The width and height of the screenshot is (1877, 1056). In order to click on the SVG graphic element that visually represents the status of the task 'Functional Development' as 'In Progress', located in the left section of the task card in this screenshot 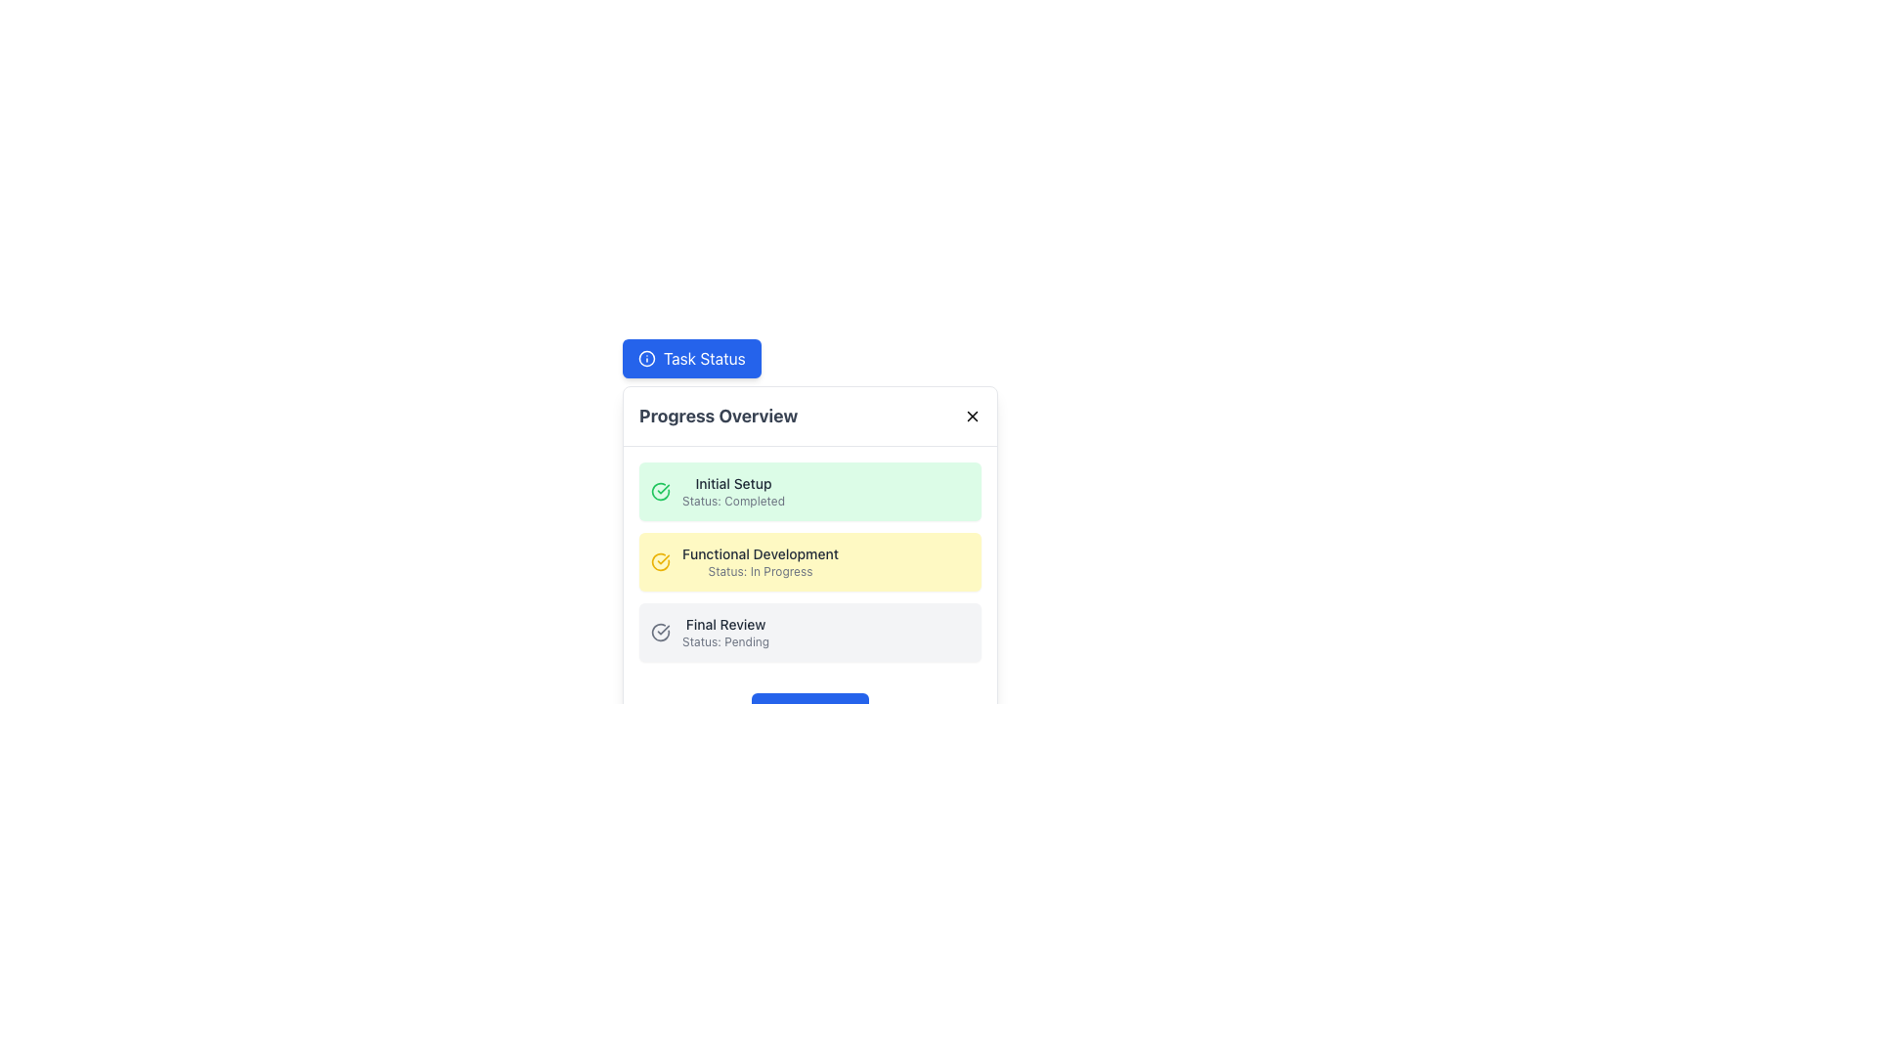, I will do `click(661, 561)`.